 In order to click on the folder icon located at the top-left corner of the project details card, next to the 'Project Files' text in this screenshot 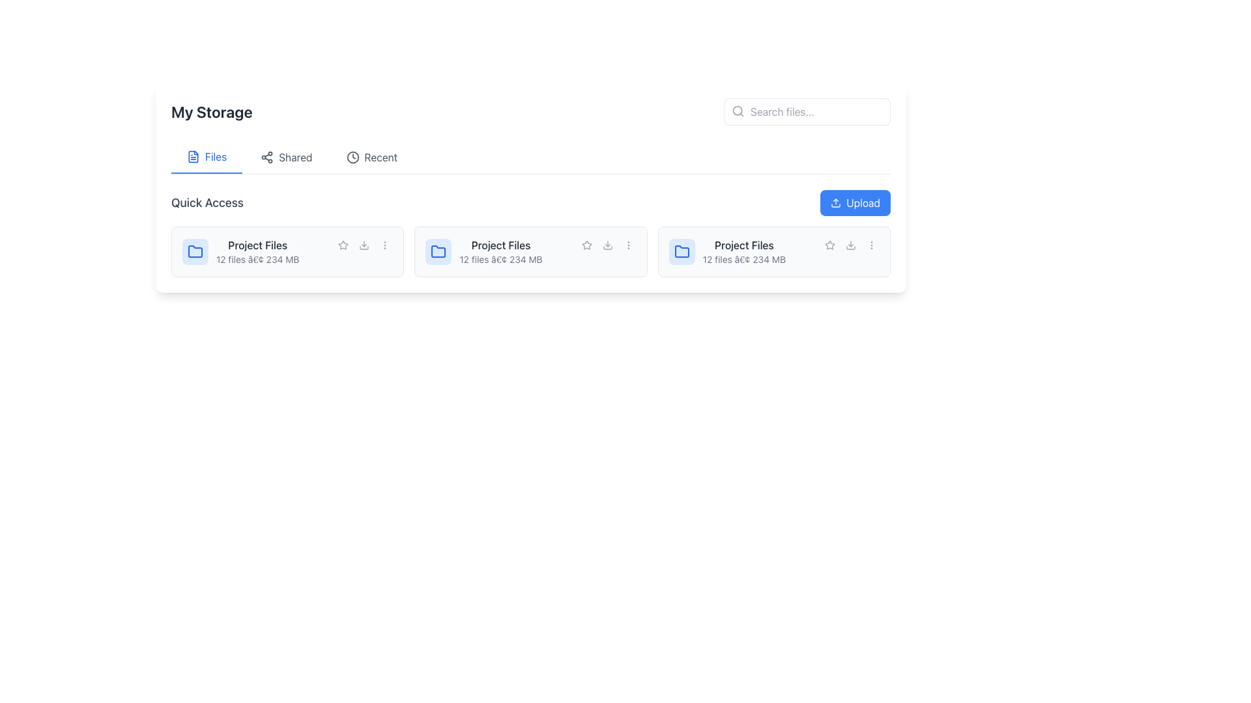, I will do `click(194, 251)`.